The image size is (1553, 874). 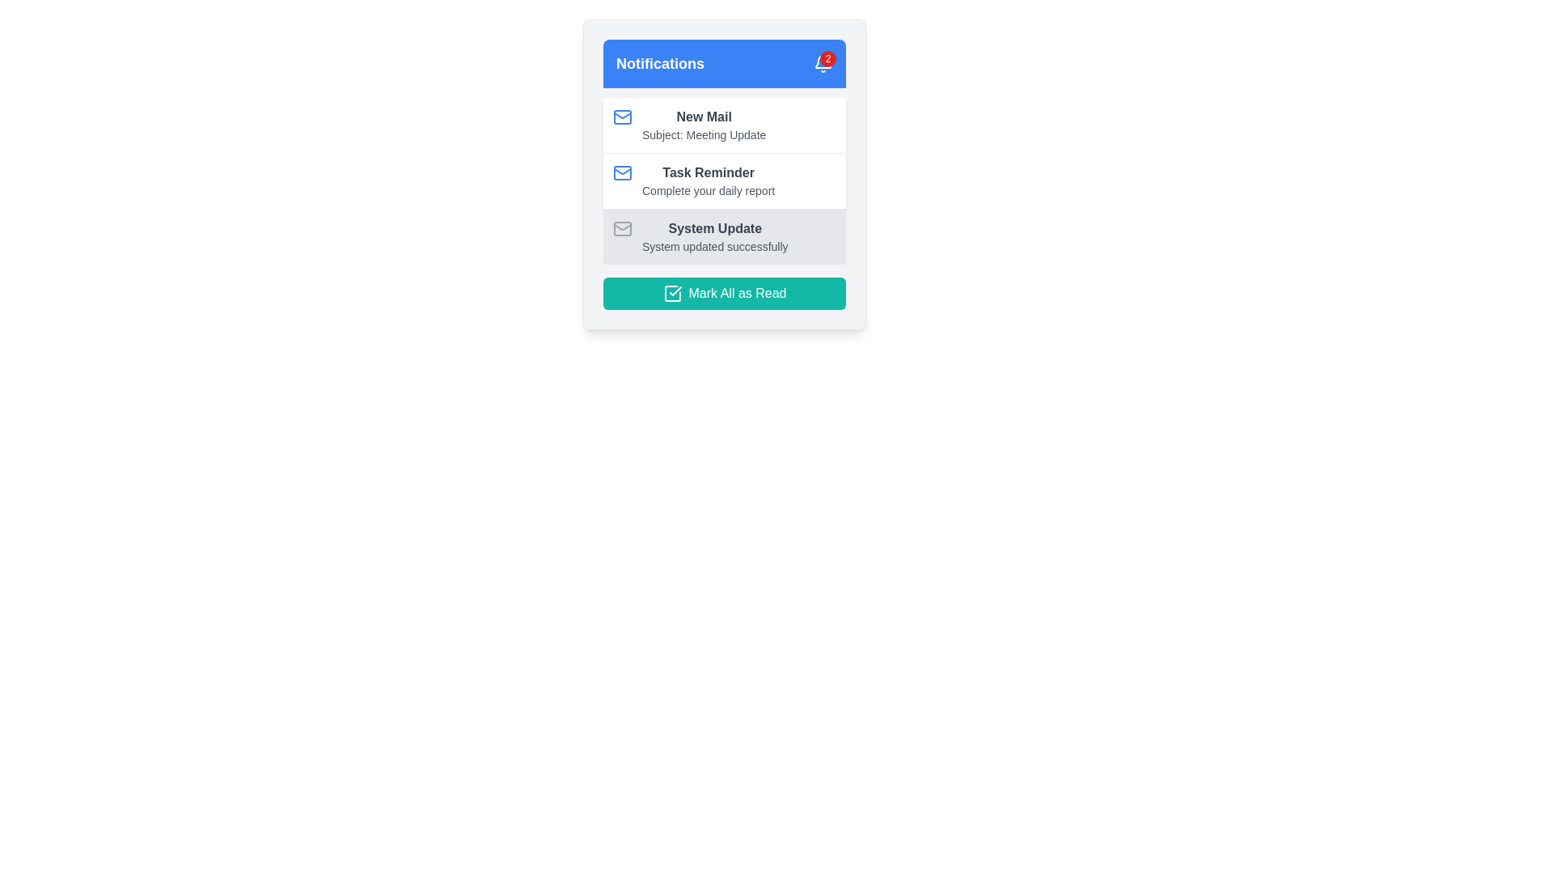 I want to click on the interactive elements near the title text label of the first notification item, which is positioned above the subtitle 'Subject: Meeting Update' in the notification panel located at the top-right corner of the interface, so click(x=704, y=117).